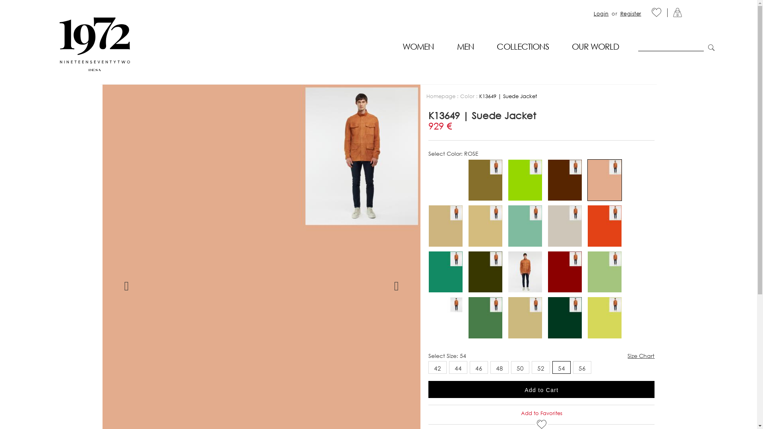 The image size is (763, 429). I want to click on '44', so click(458, 367).